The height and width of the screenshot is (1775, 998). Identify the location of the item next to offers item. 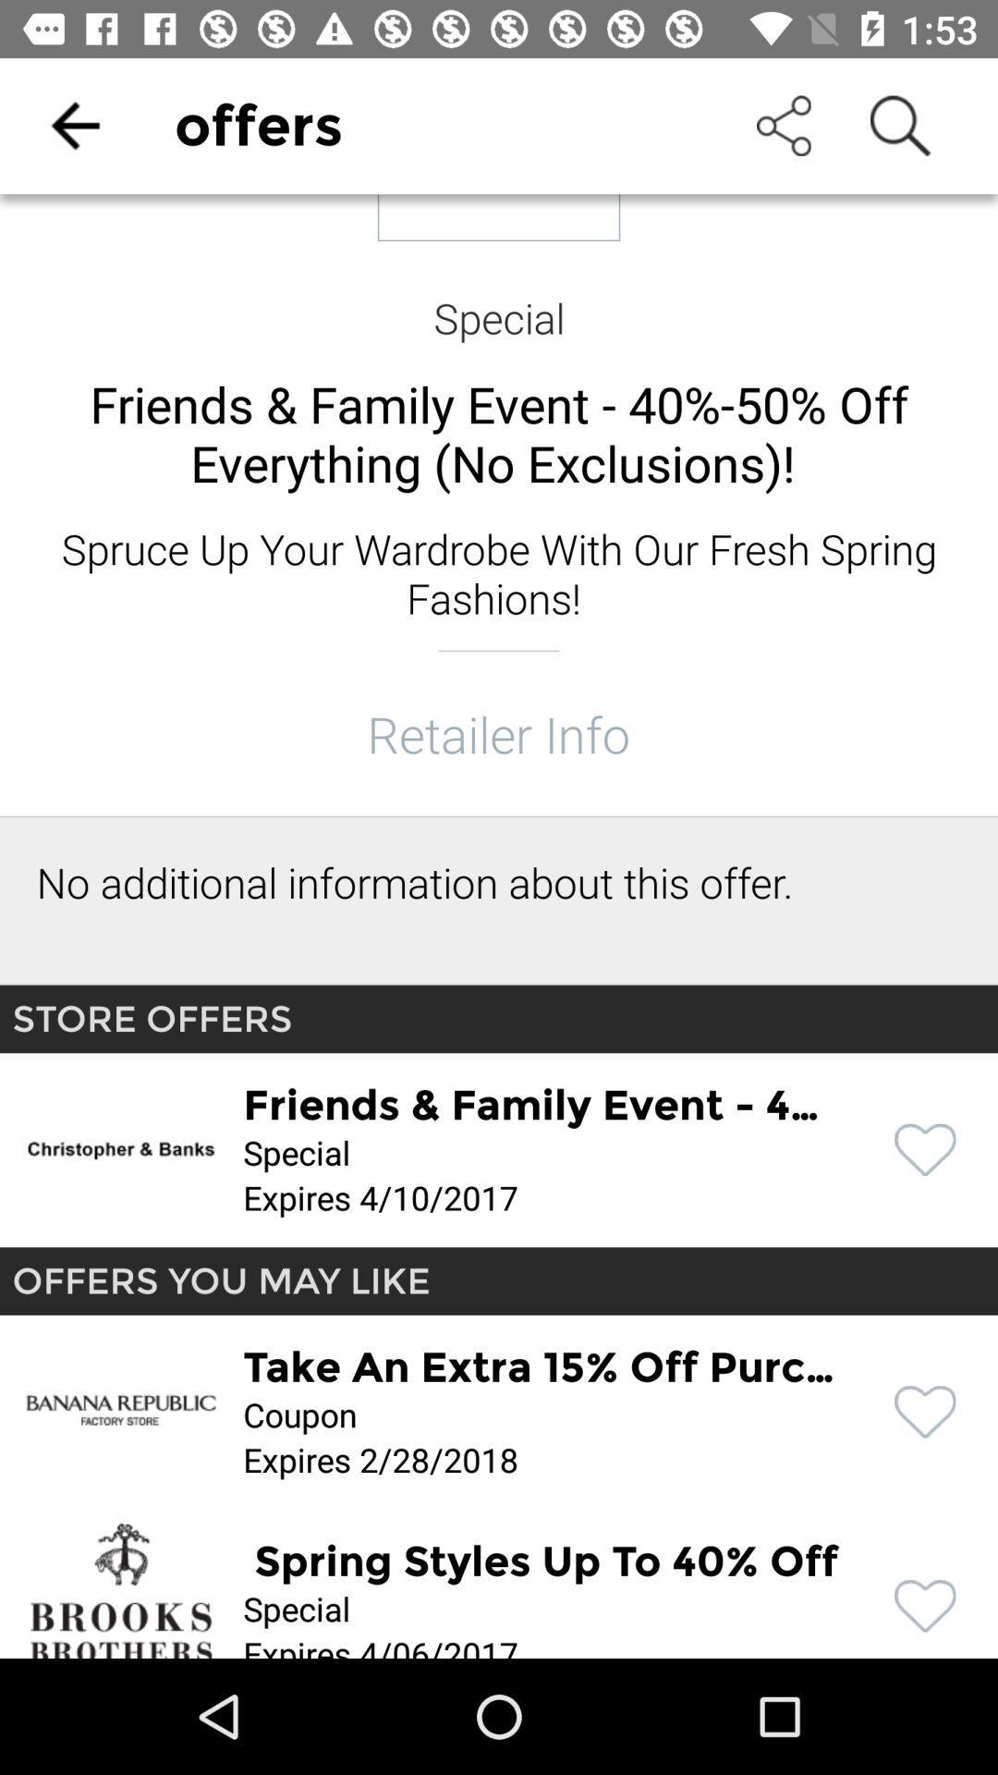
(74, 125).